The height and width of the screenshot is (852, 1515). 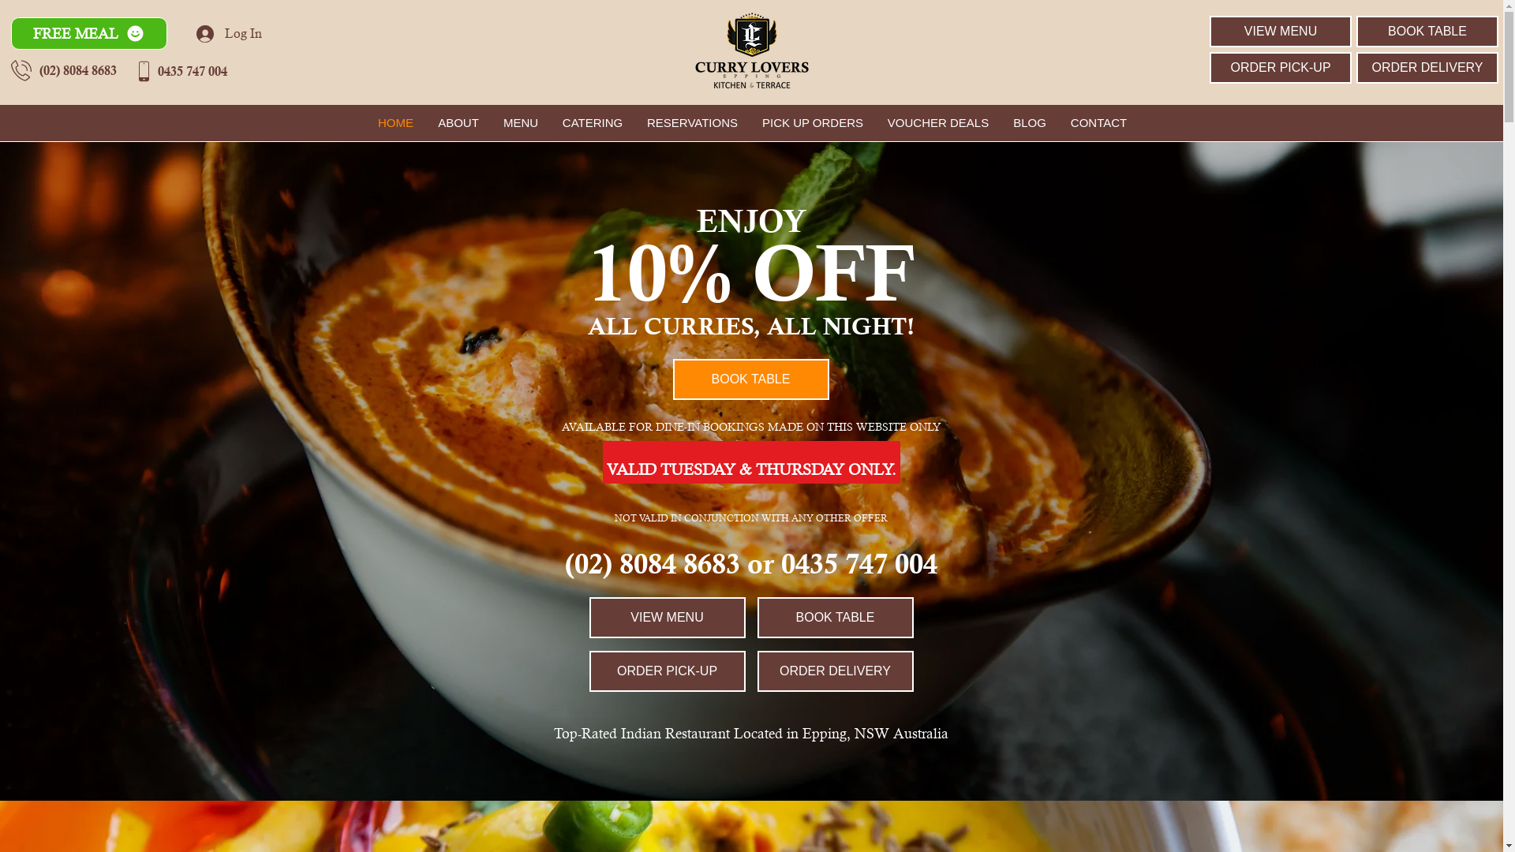 What do you see at coordinates (938, 121) in the screenshot?
I see `'VOUCHER DEALS'` at bounding box center [938, 121].